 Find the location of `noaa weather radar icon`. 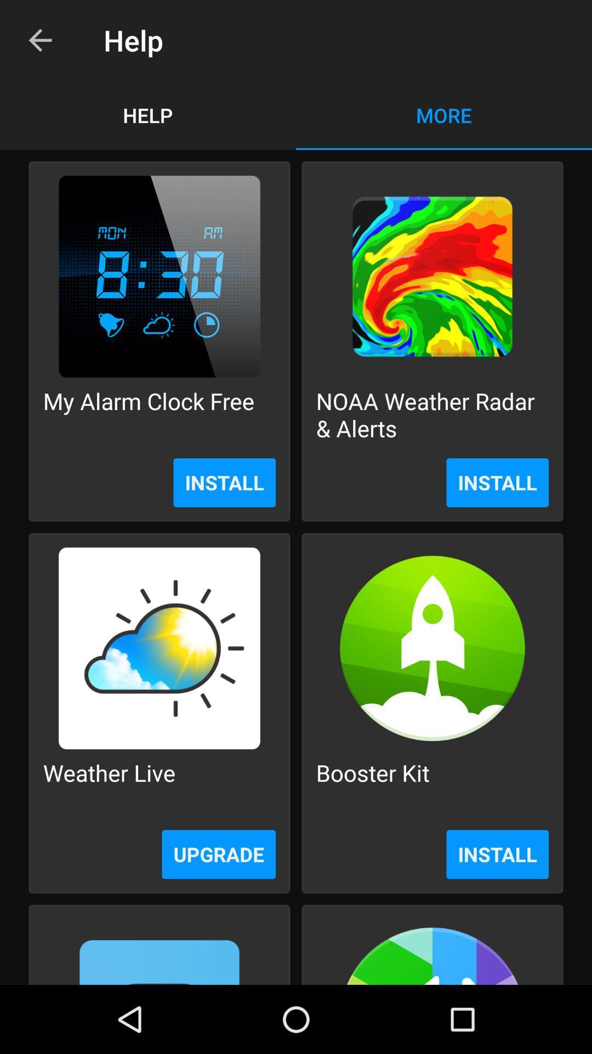

noaa weather radar icon is located at coordinates (432, 414).